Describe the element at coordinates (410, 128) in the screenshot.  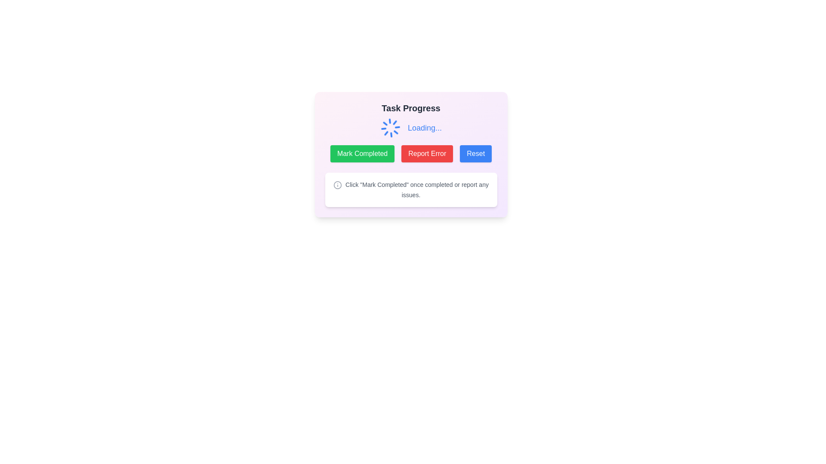
I see `progress text label from the Loader element, which is visually indicated by a spinning icon and is centered below the 'Task Progress' title and above the action buttons` at that location.